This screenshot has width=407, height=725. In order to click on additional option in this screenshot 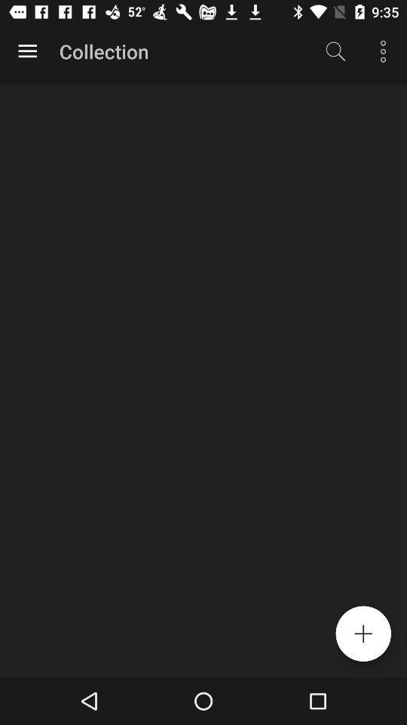, I will do `click(363, 634)`.